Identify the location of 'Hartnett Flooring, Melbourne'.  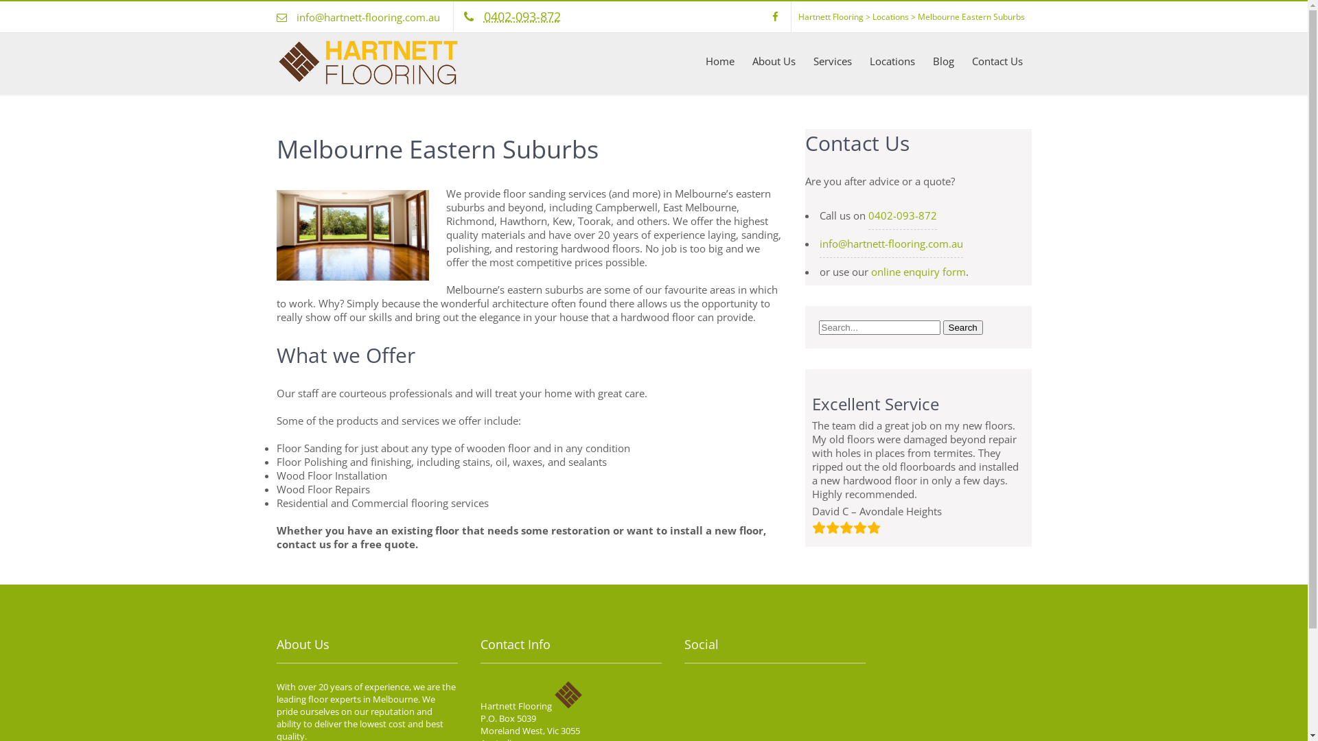
(367, 82).